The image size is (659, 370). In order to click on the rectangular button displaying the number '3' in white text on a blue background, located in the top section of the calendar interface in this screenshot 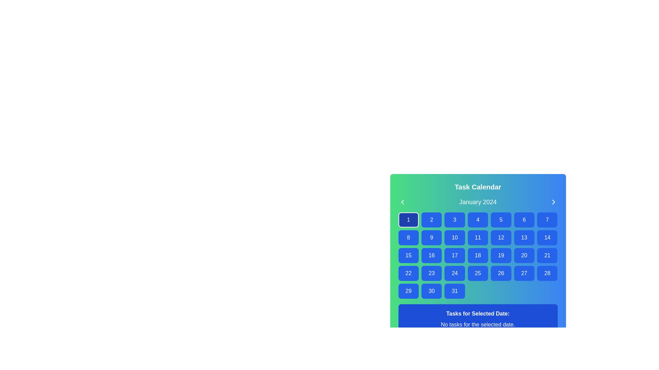, I will do `click(454, 220)`.